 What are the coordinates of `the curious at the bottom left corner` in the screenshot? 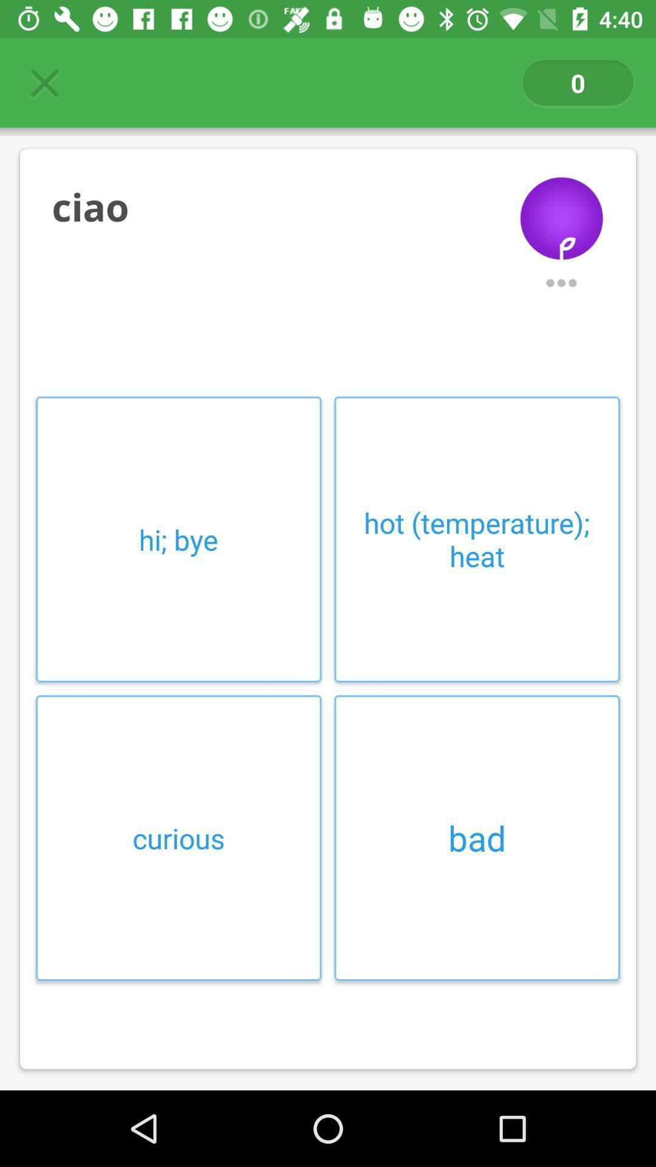 It's located at (179, 837).